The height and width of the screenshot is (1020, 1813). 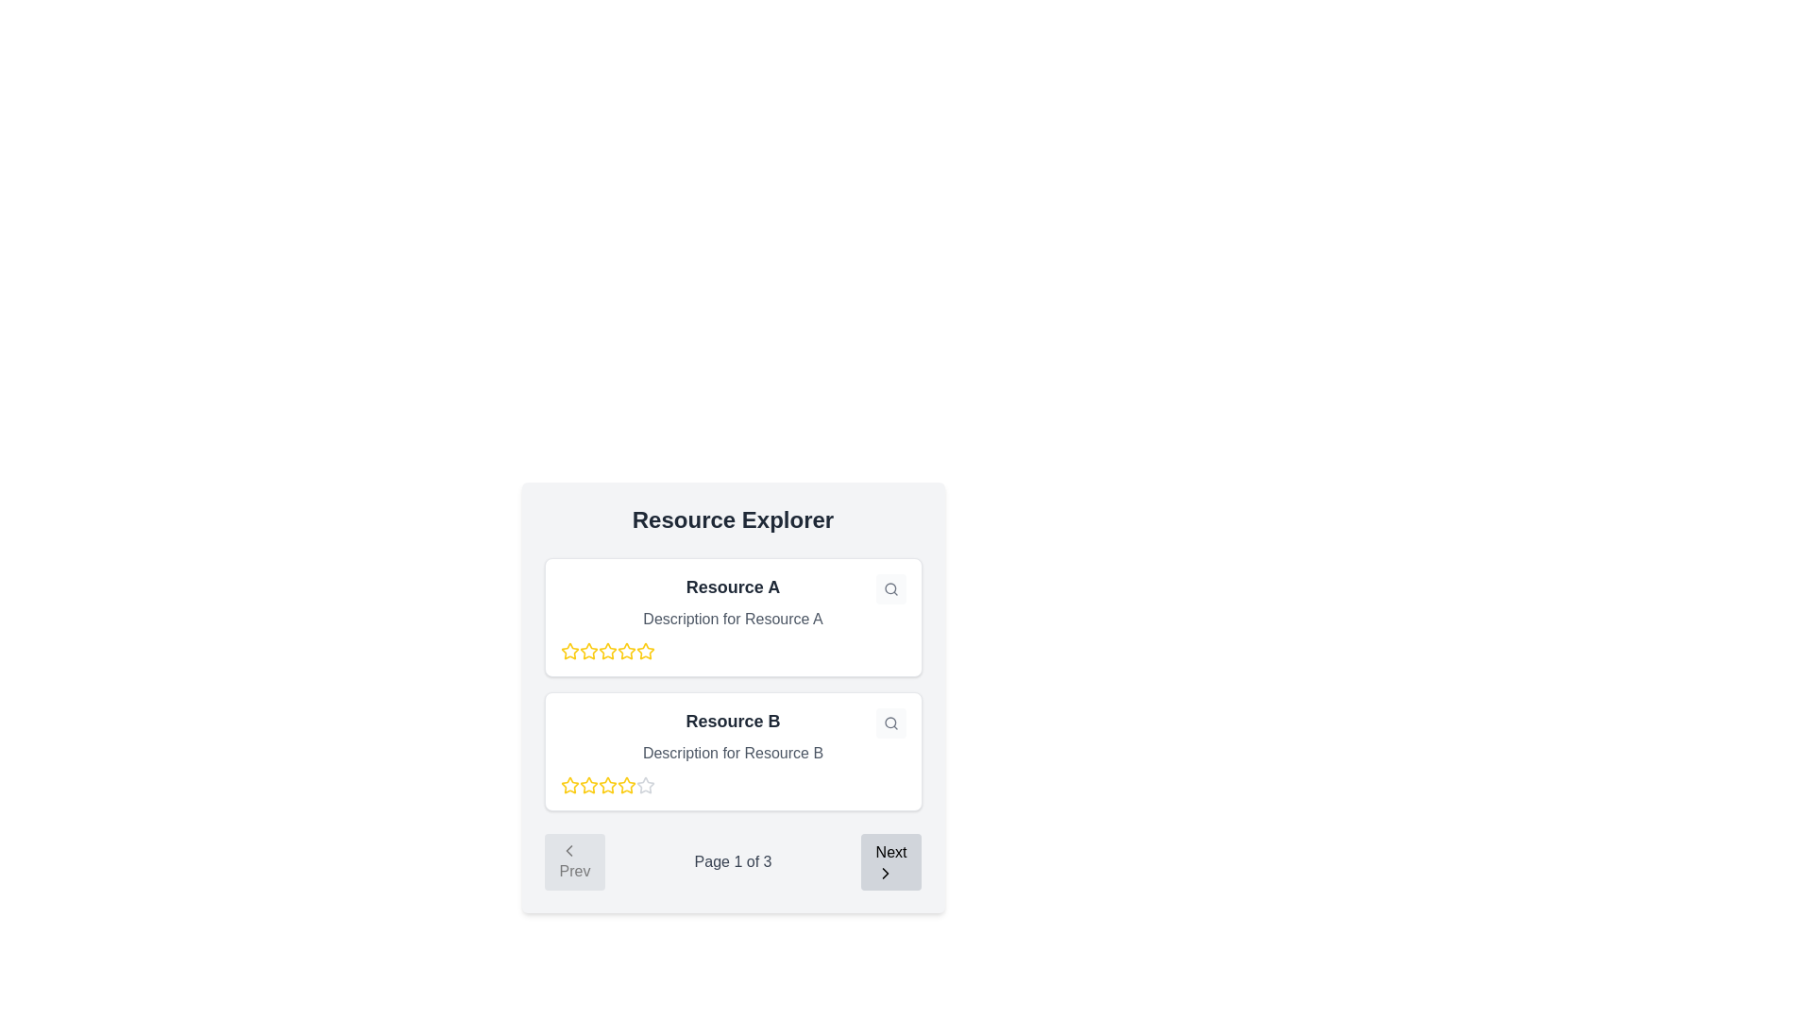 I want to click on the disabled gray button labeled 'Prev' with a leftward arrow icon, located at the bottom of the Resource Explorer widget and adjacent to the 'Page 1 of 3' label, so click(x=574, y=862).